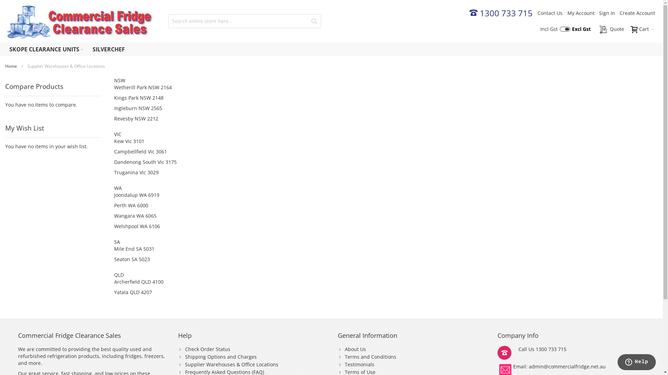 The height and width of the screenshot is (375, 668). What do you see at coordinates (611, 29) in the screenshot?
I see `'Quote'` at bounding box center [611, 29].